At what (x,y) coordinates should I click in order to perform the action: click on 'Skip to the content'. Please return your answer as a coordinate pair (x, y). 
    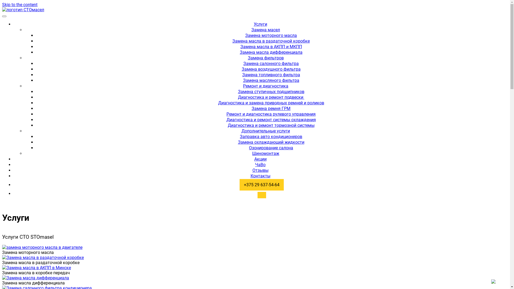
    Looking at the image, I should click on (20, 5).